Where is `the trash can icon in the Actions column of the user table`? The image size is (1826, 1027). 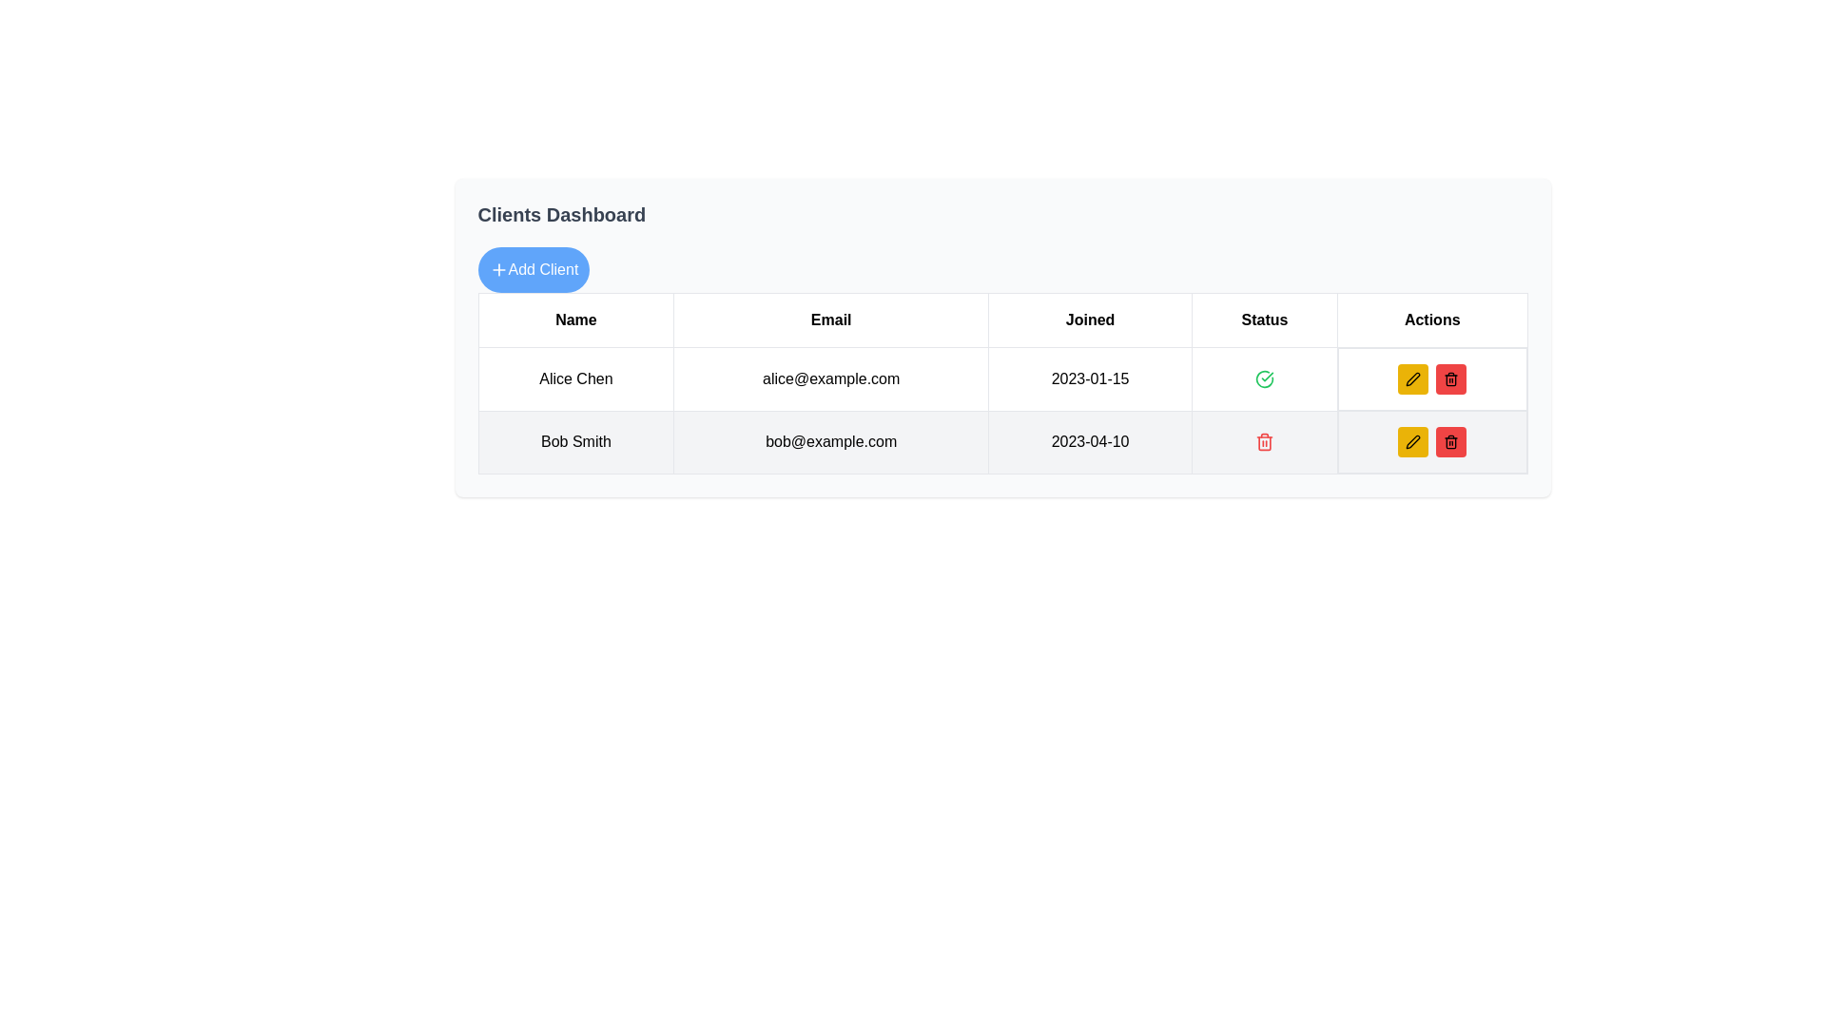
the trash can icon in the Actions column of the user table is located at coordinates (1450, 378).